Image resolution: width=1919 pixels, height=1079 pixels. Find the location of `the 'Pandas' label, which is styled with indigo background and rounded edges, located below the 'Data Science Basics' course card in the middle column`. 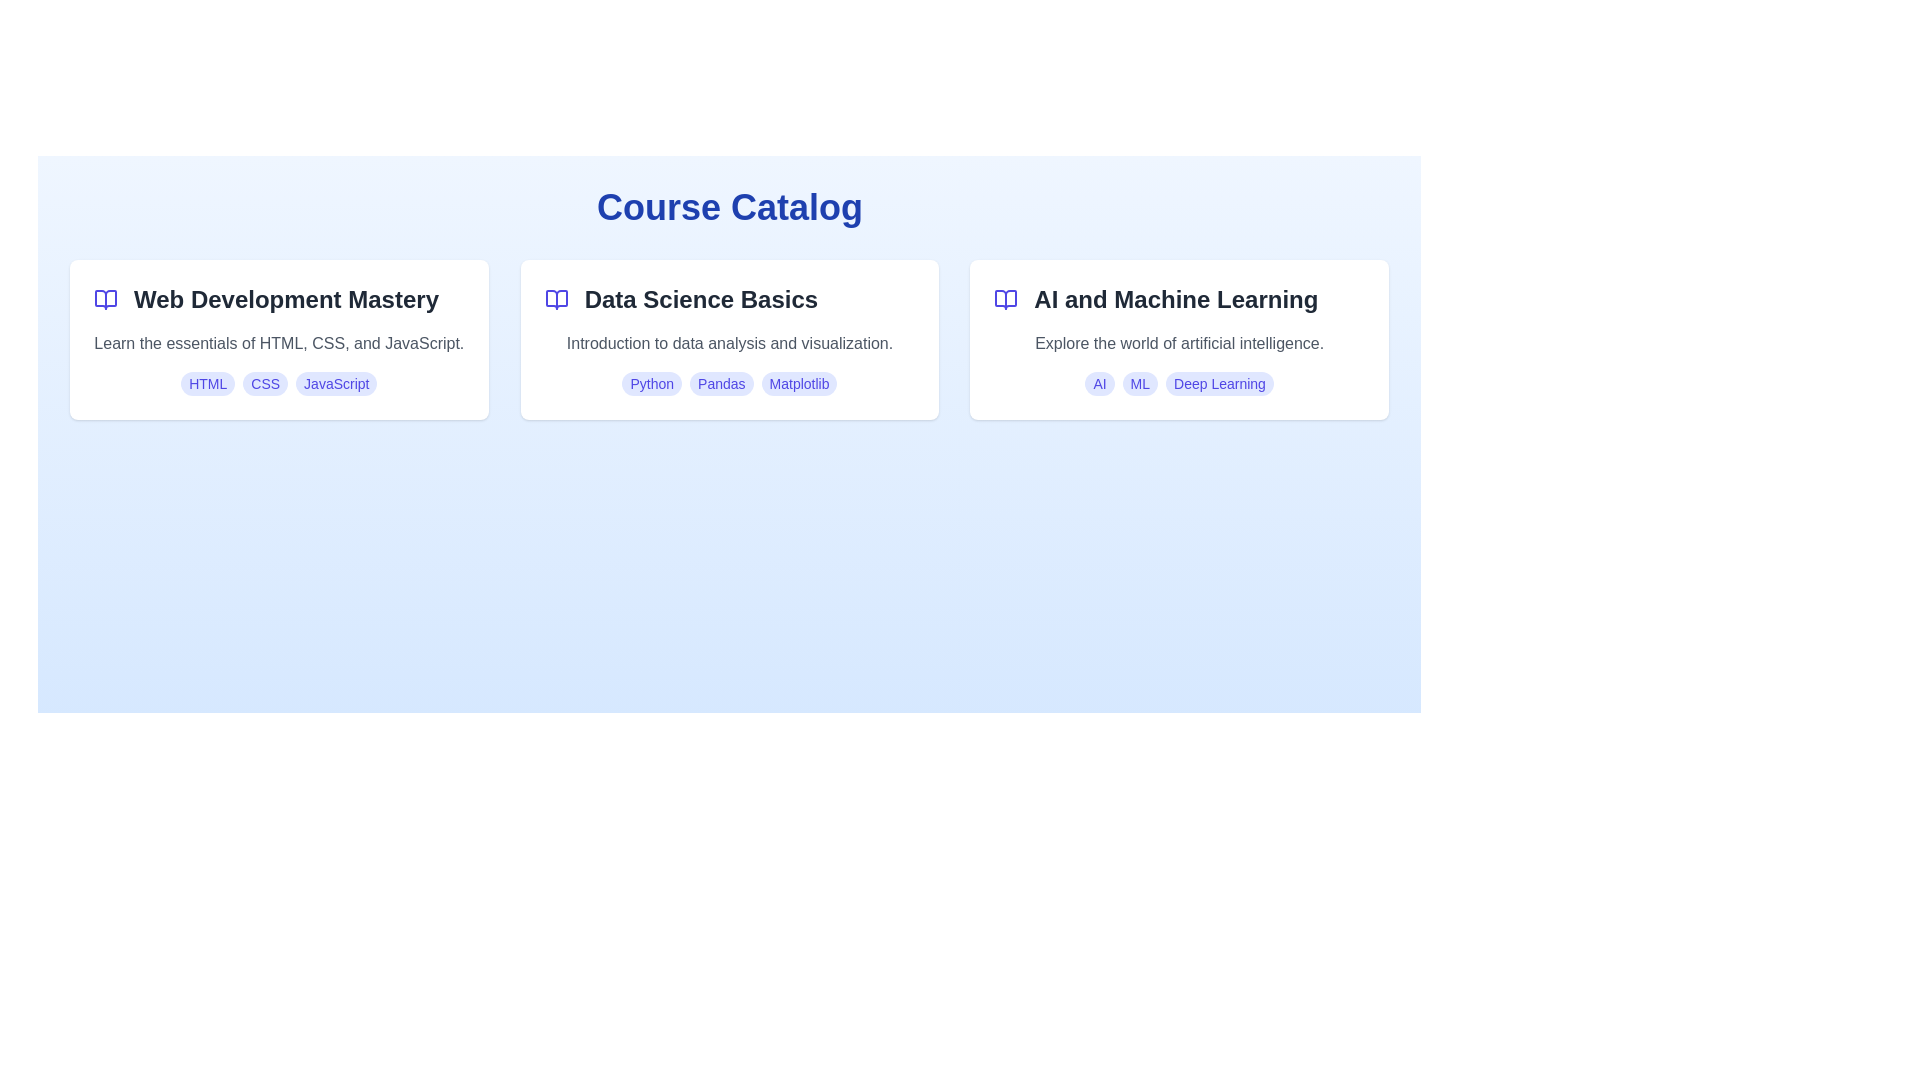

the 'Pandas' label, which is styled with indigo background and rounded edges, located below the 'Data Science Basics' course card in the middle column is located at coordinates (720, 384).